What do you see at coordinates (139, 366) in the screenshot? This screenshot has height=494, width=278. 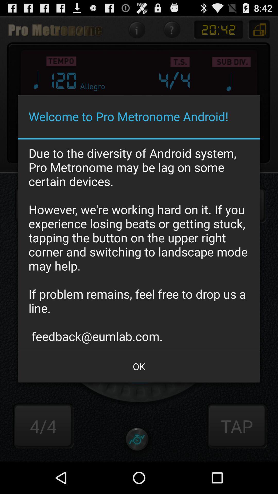 I see `the ok icon` at bounding box center [139, 366].